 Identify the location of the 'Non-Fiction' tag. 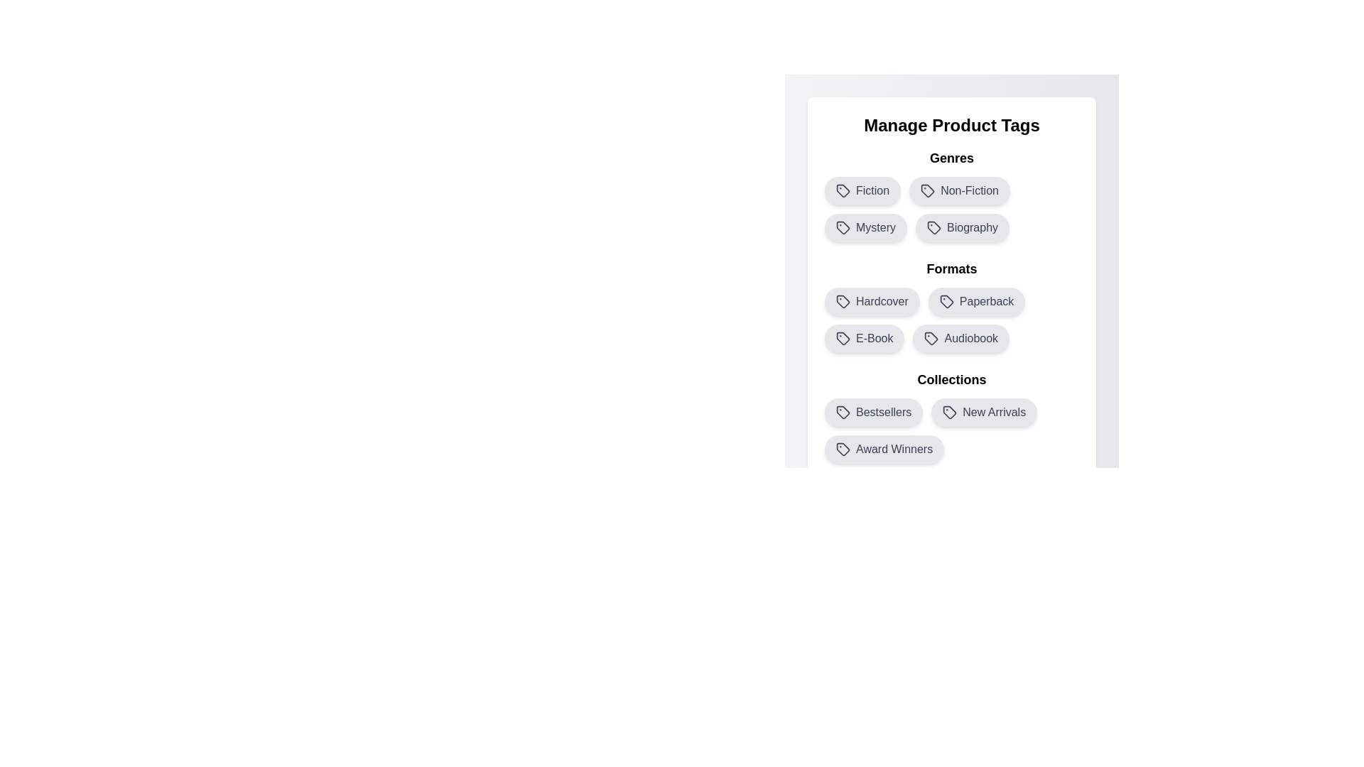
(951, 195).